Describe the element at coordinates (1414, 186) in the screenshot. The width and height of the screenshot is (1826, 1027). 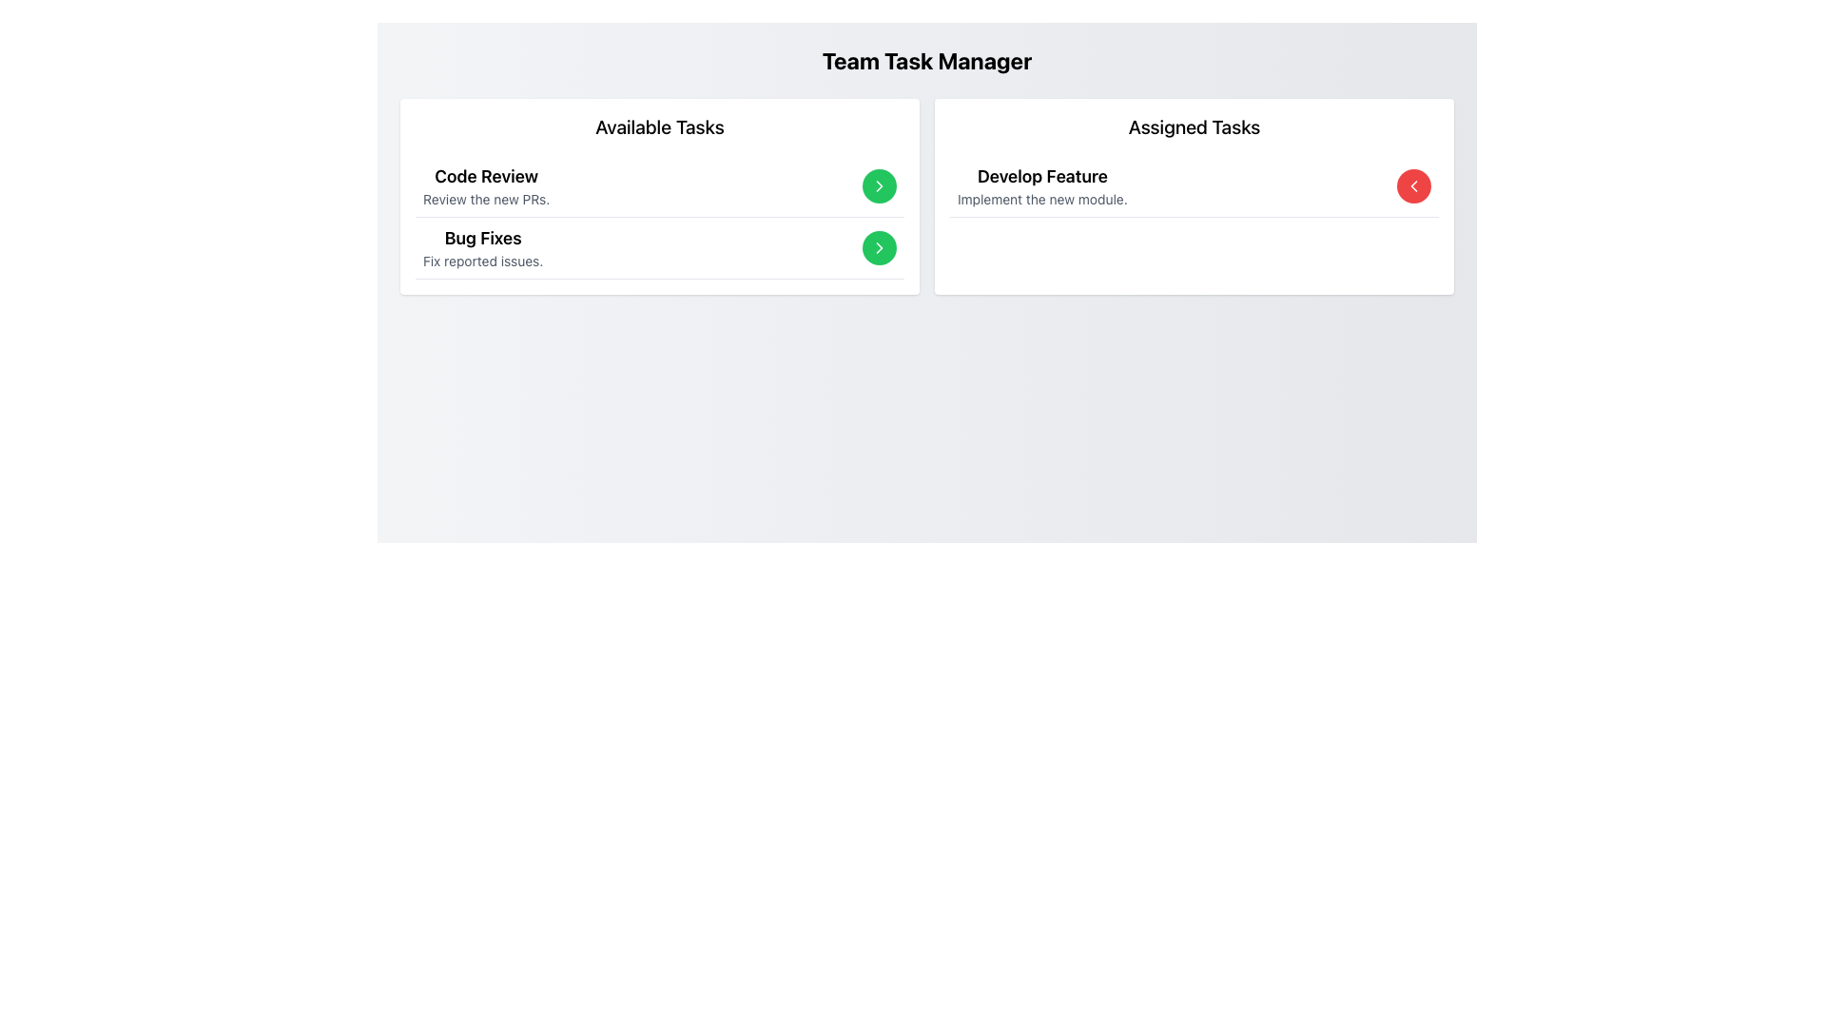
I see `the button located to the far-right of the 'Develop Feature' task card's header row in the 'Assigned Tasks' section` at that location.